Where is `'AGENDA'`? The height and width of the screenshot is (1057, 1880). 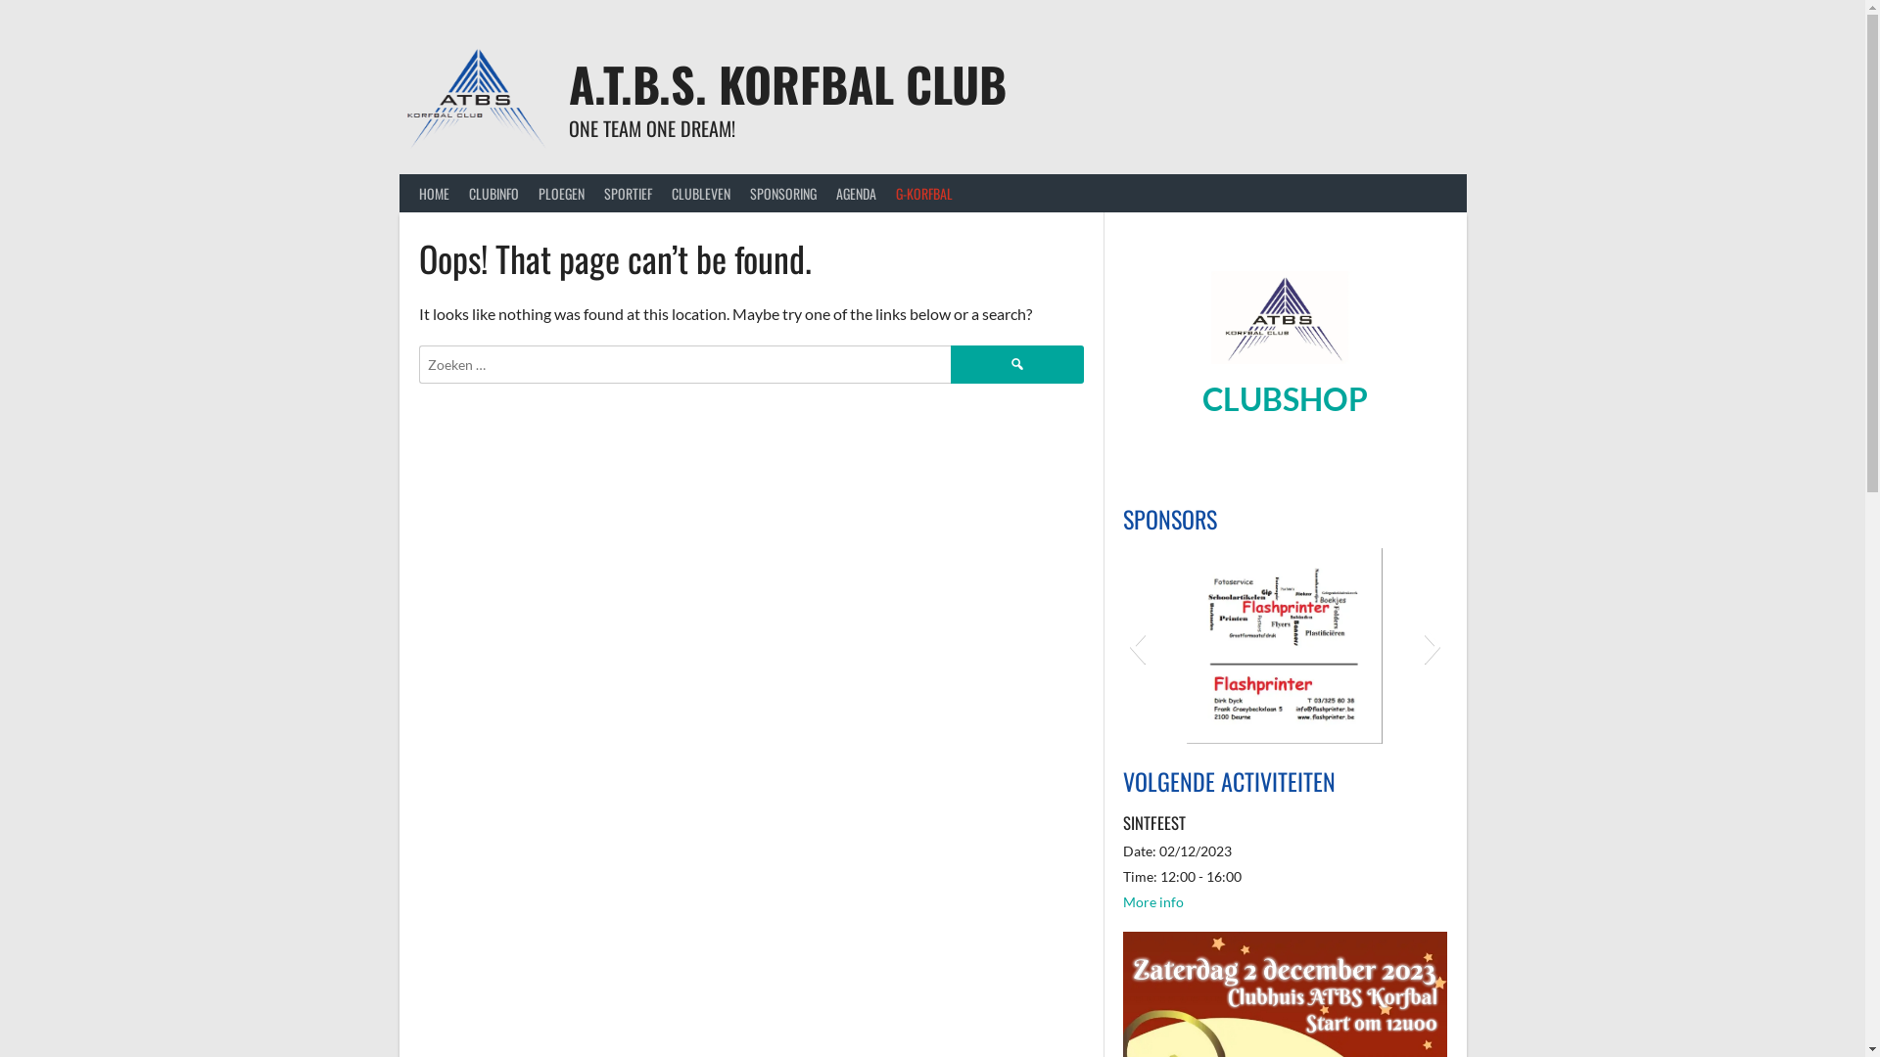
'AGENDA' is located at coordinates (856, 193).